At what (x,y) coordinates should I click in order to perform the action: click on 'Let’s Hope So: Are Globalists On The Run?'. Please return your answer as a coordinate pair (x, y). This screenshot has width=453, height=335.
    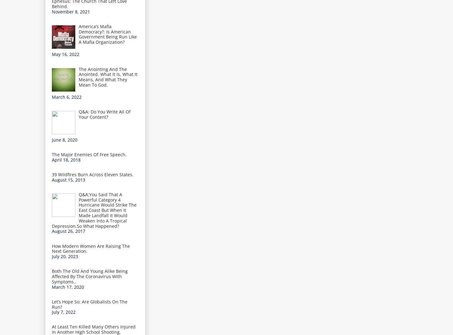
    Looking at the image, I should click on (89, 303).